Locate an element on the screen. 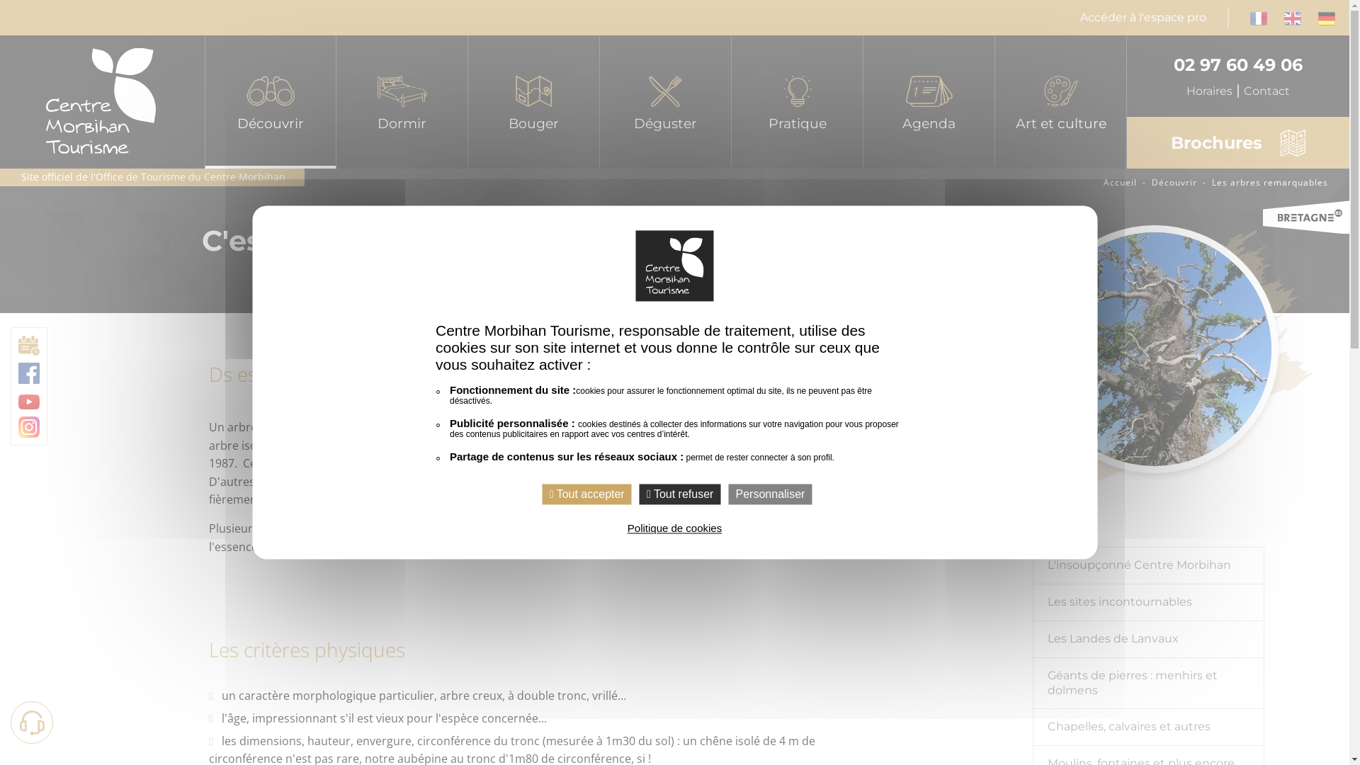 This screenshot has height=765, width=1360. 'Expressions d'artistes' is located at coordinates (1060, 184).